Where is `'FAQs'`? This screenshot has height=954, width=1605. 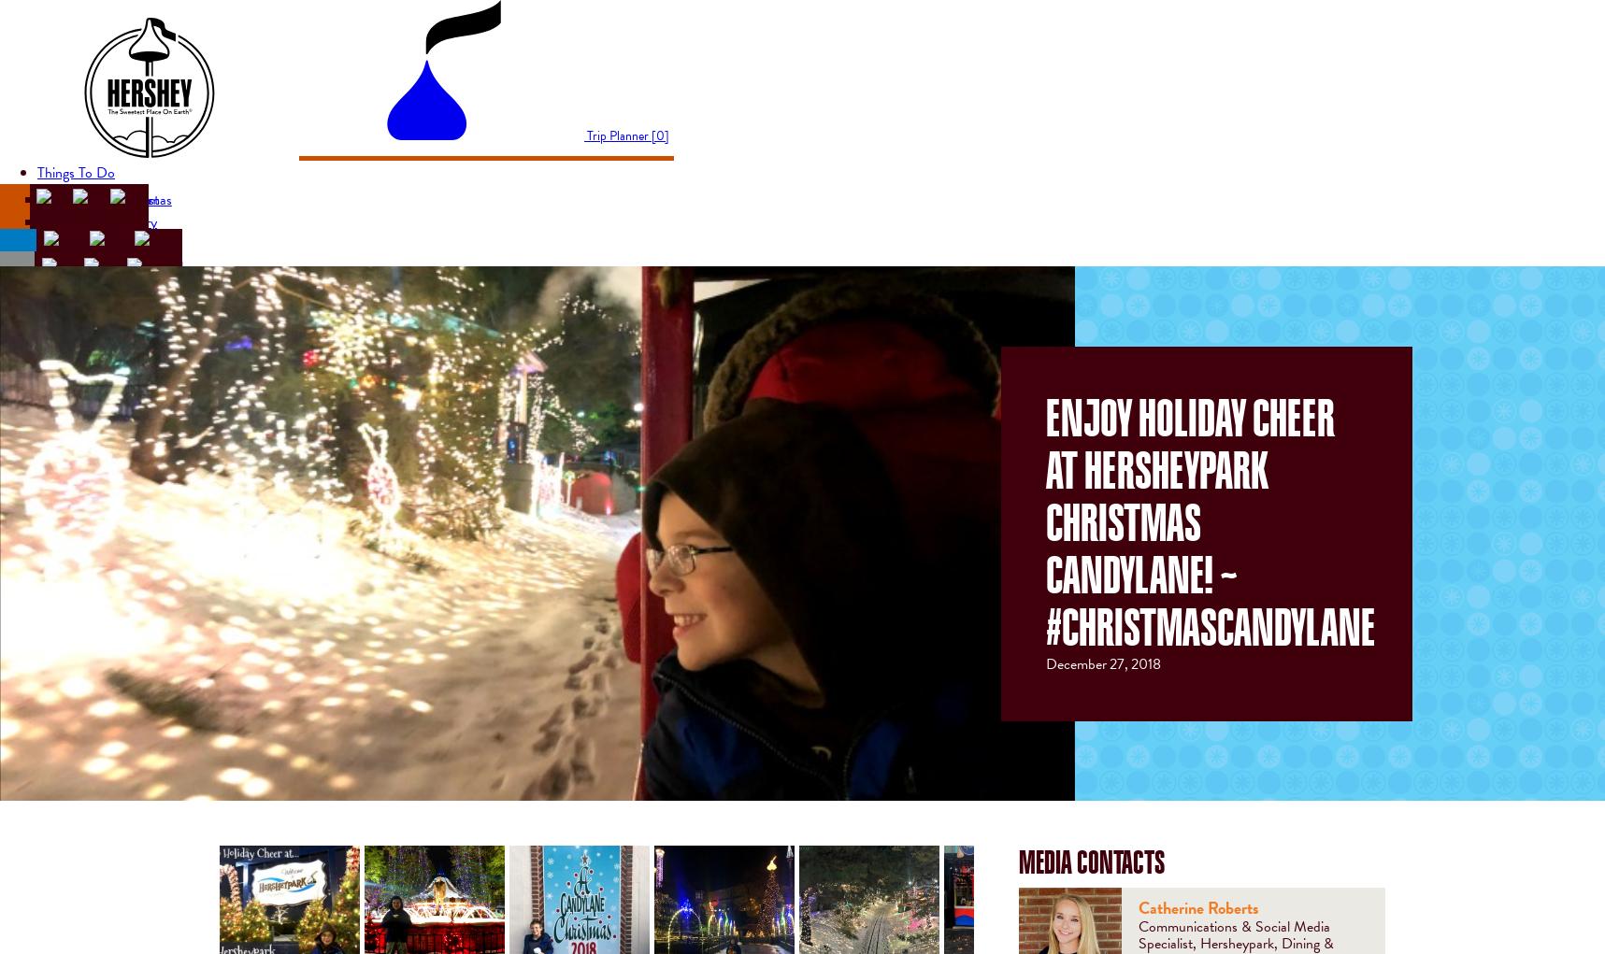
'FAQs' is located at coordinates (54, 478).